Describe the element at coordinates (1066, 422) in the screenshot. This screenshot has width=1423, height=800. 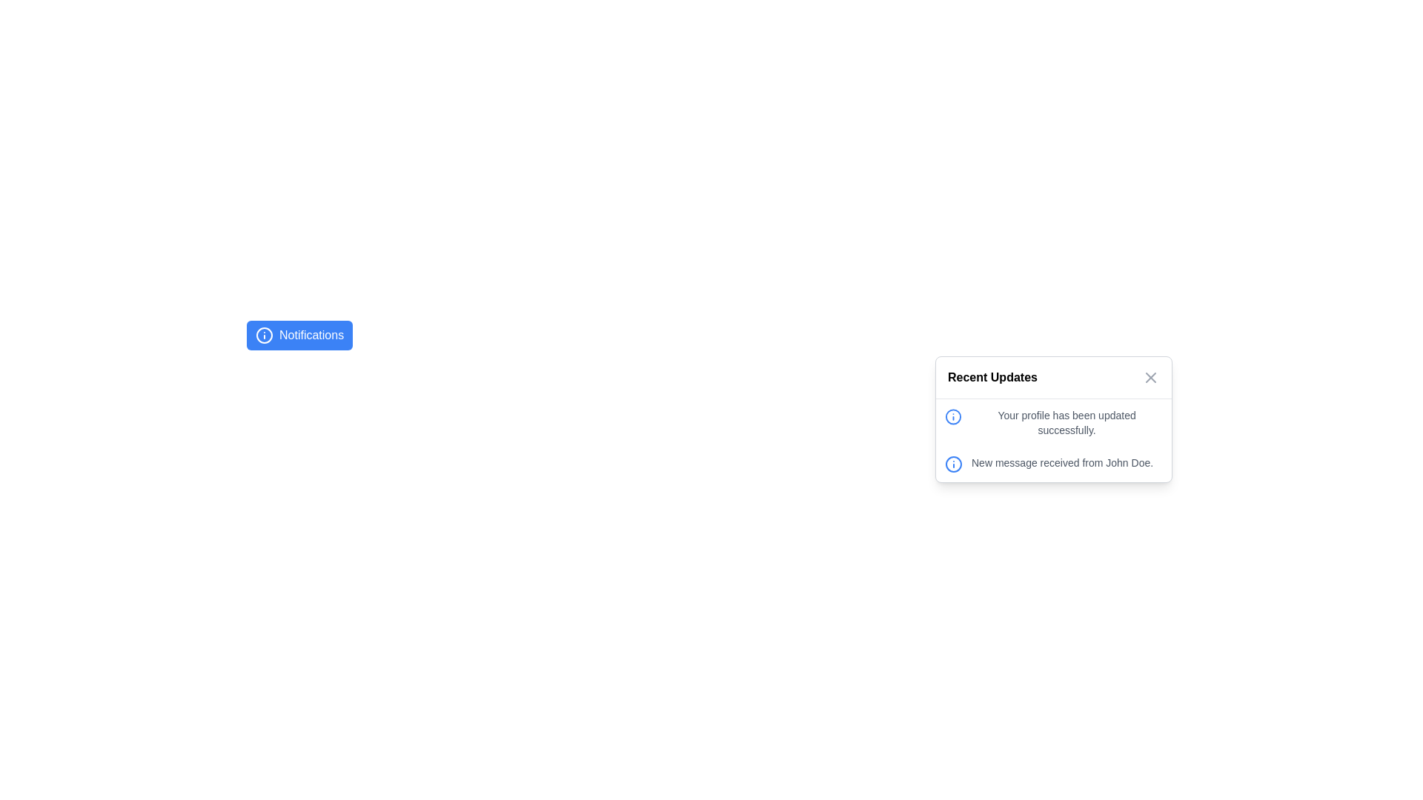
I see `information from the text element that informs the user about a successful profile update, located in the 'Recent Updates' section, next to a blue information icon` at that location.